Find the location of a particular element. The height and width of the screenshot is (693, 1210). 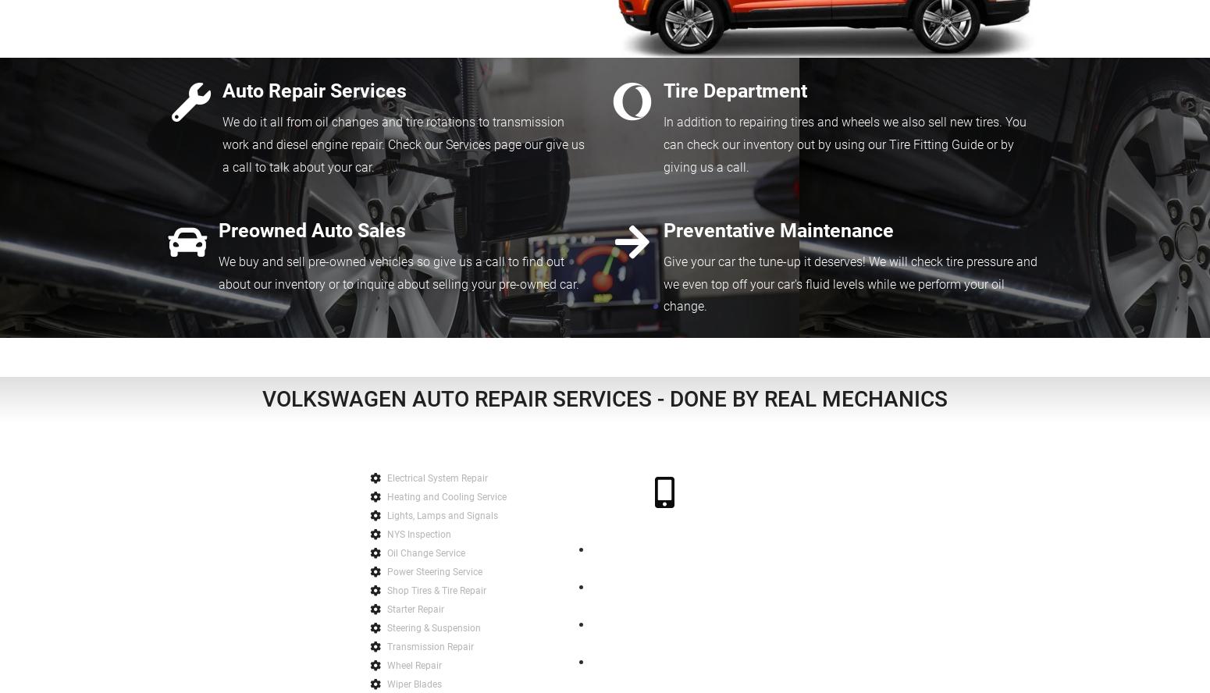

'We do it all from oil changes and tire rotations to transmission work and diesel engine repair. Check our Services page our give us a call to talk about your car.' is located at coordinates (402, 144).